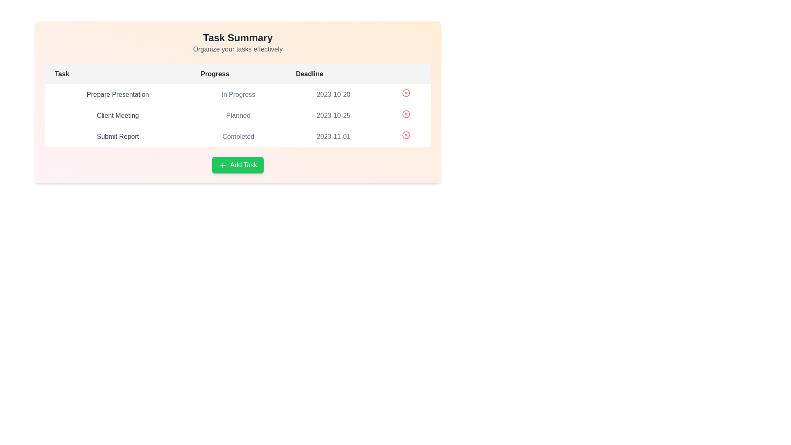 This screenshot has height=445, width=791. What do you see at coordinates (406, 114) in the screenshot?
I see `delete button for the task with name 'Client Meeting'` at bounding box center [406, 114].